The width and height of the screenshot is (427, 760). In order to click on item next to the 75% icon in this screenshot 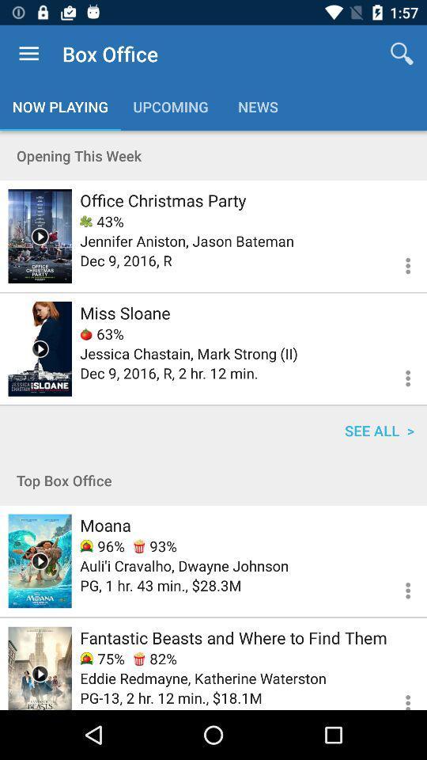, I will do `click(155, 659)`.